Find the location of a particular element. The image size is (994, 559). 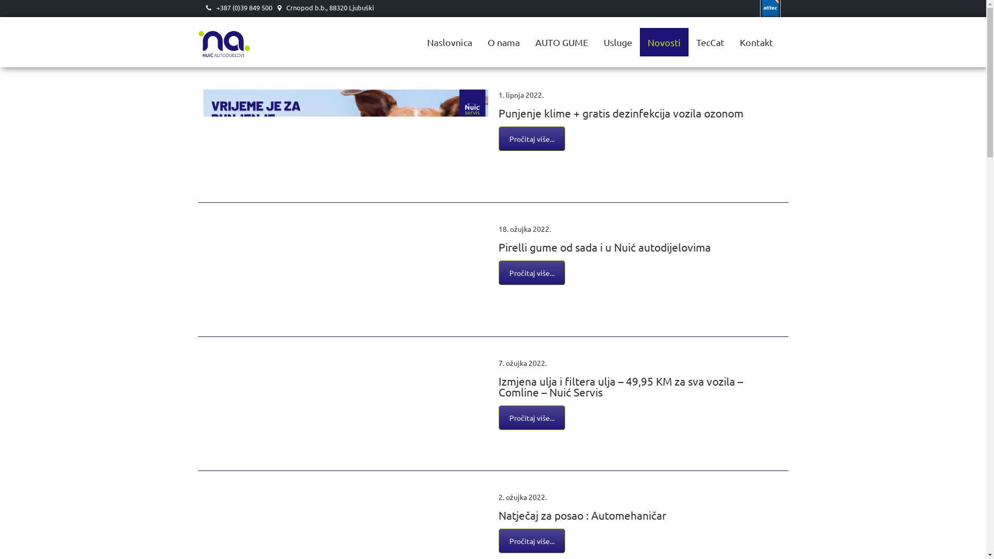

'Novosti' is located at coordinates (639, 41).